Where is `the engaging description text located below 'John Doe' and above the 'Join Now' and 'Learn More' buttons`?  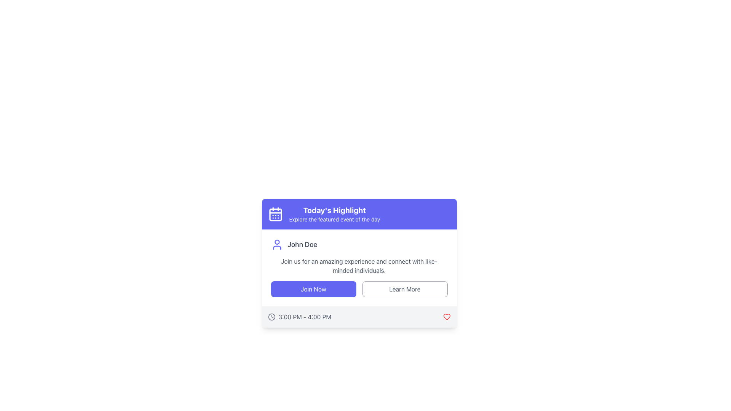
the engaging description text located below 'John Doe' and above the 'Join Now' and 'Learn More' buttons is located at coordinates (359, 265).